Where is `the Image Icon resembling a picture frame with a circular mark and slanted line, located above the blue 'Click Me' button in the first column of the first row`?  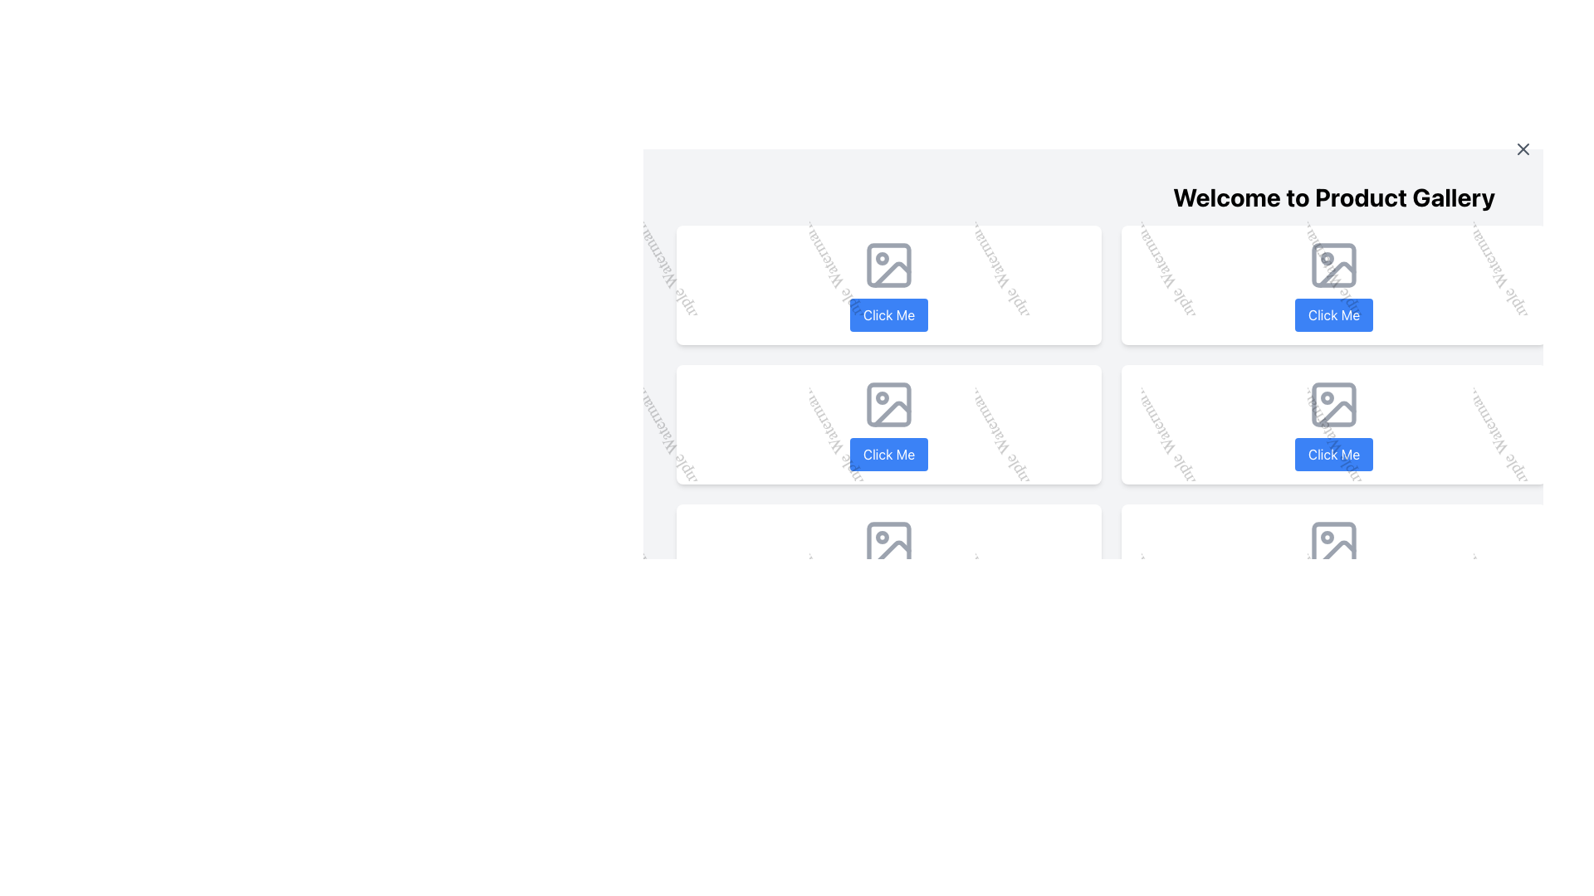 the Image Icon resembling a picture frame with a circular mark and slanted line, located above the blue 'Click Me' button in the first column of the first row is located at coordinates (887, 265).